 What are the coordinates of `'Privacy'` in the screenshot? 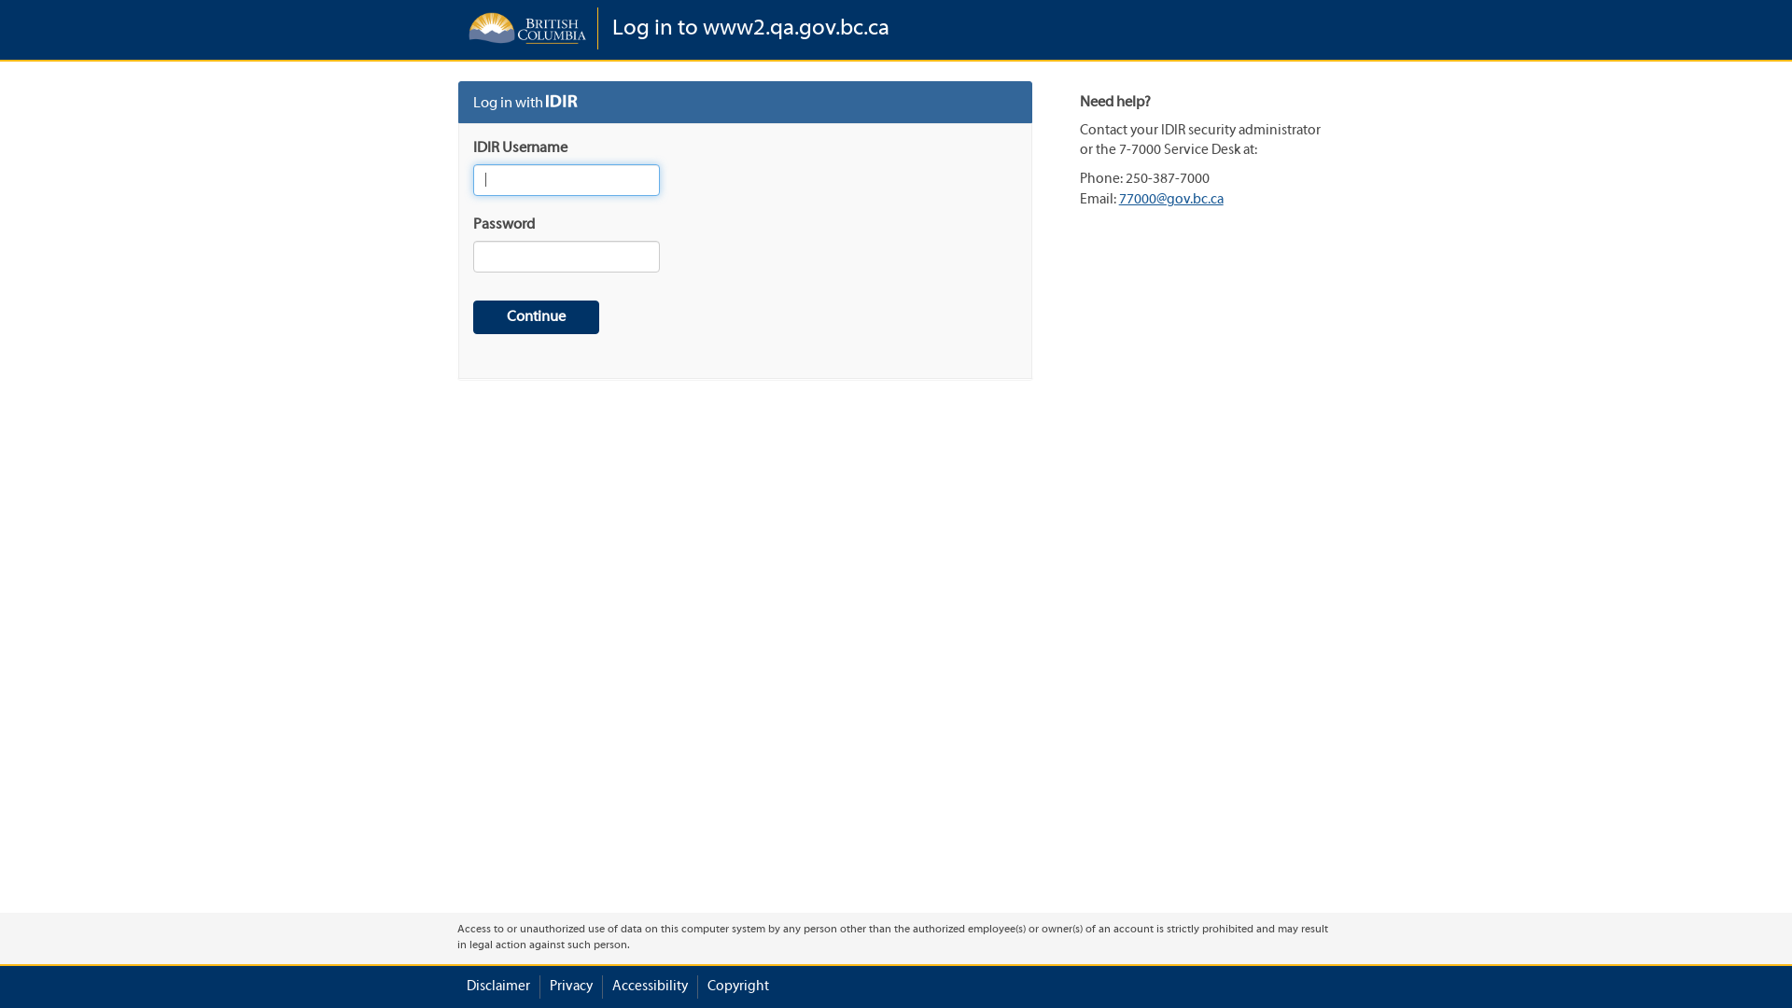 It's located at (569, 986).